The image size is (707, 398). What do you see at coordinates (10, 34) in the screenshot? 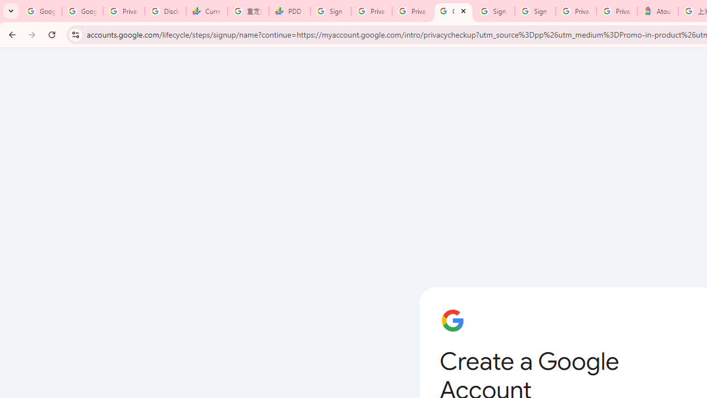
I see `'Back'` at bounding box center [10, 34].